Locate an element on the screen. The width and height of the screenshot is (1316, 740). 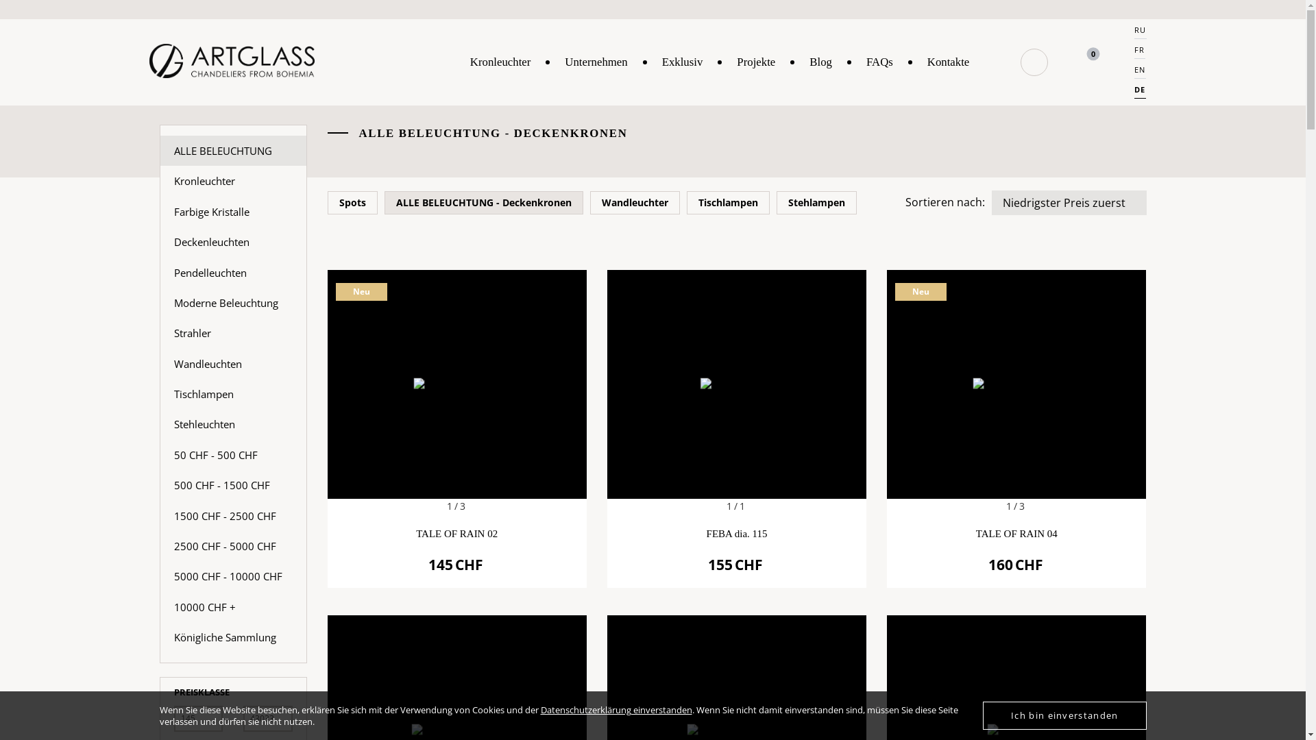
'ALLE BELEUCHTUNG' is located at coordinates (233, 150).